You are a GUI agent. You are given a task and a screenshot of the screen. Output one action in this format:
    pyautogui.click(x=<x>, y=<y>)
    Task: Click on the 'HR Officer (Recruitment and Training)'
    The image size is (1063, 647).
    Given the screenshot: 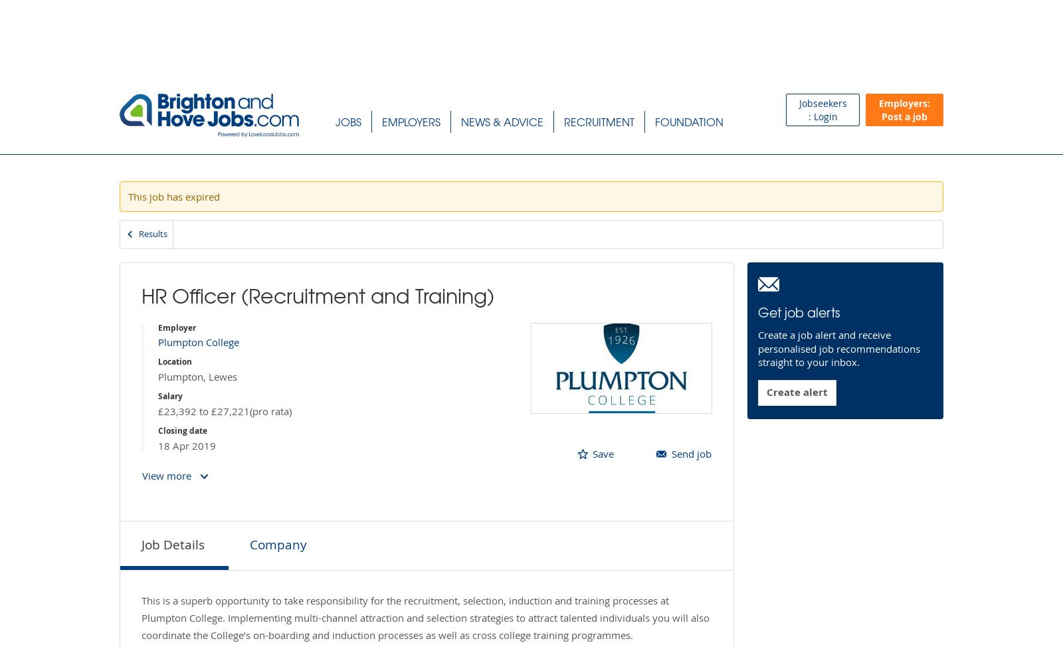 What is the action you would take?
    pyautogui.click(x=317, y=294)
    